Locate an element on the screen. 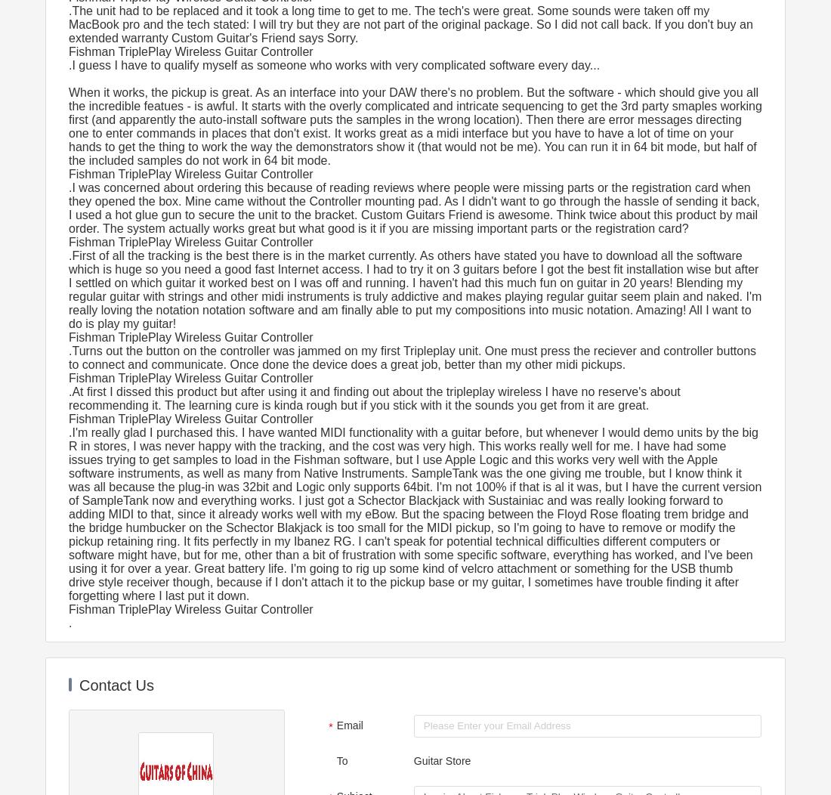 The height and width of the screenshot is (795, 831). '.At first I dissed this product but after using it and finding out about the tripleplay wireless I have no reserve's about recommending it. The learning cure is kinda rough but if you stick with it the sounds you get from it are great.' is located at coordinates (374, 398).